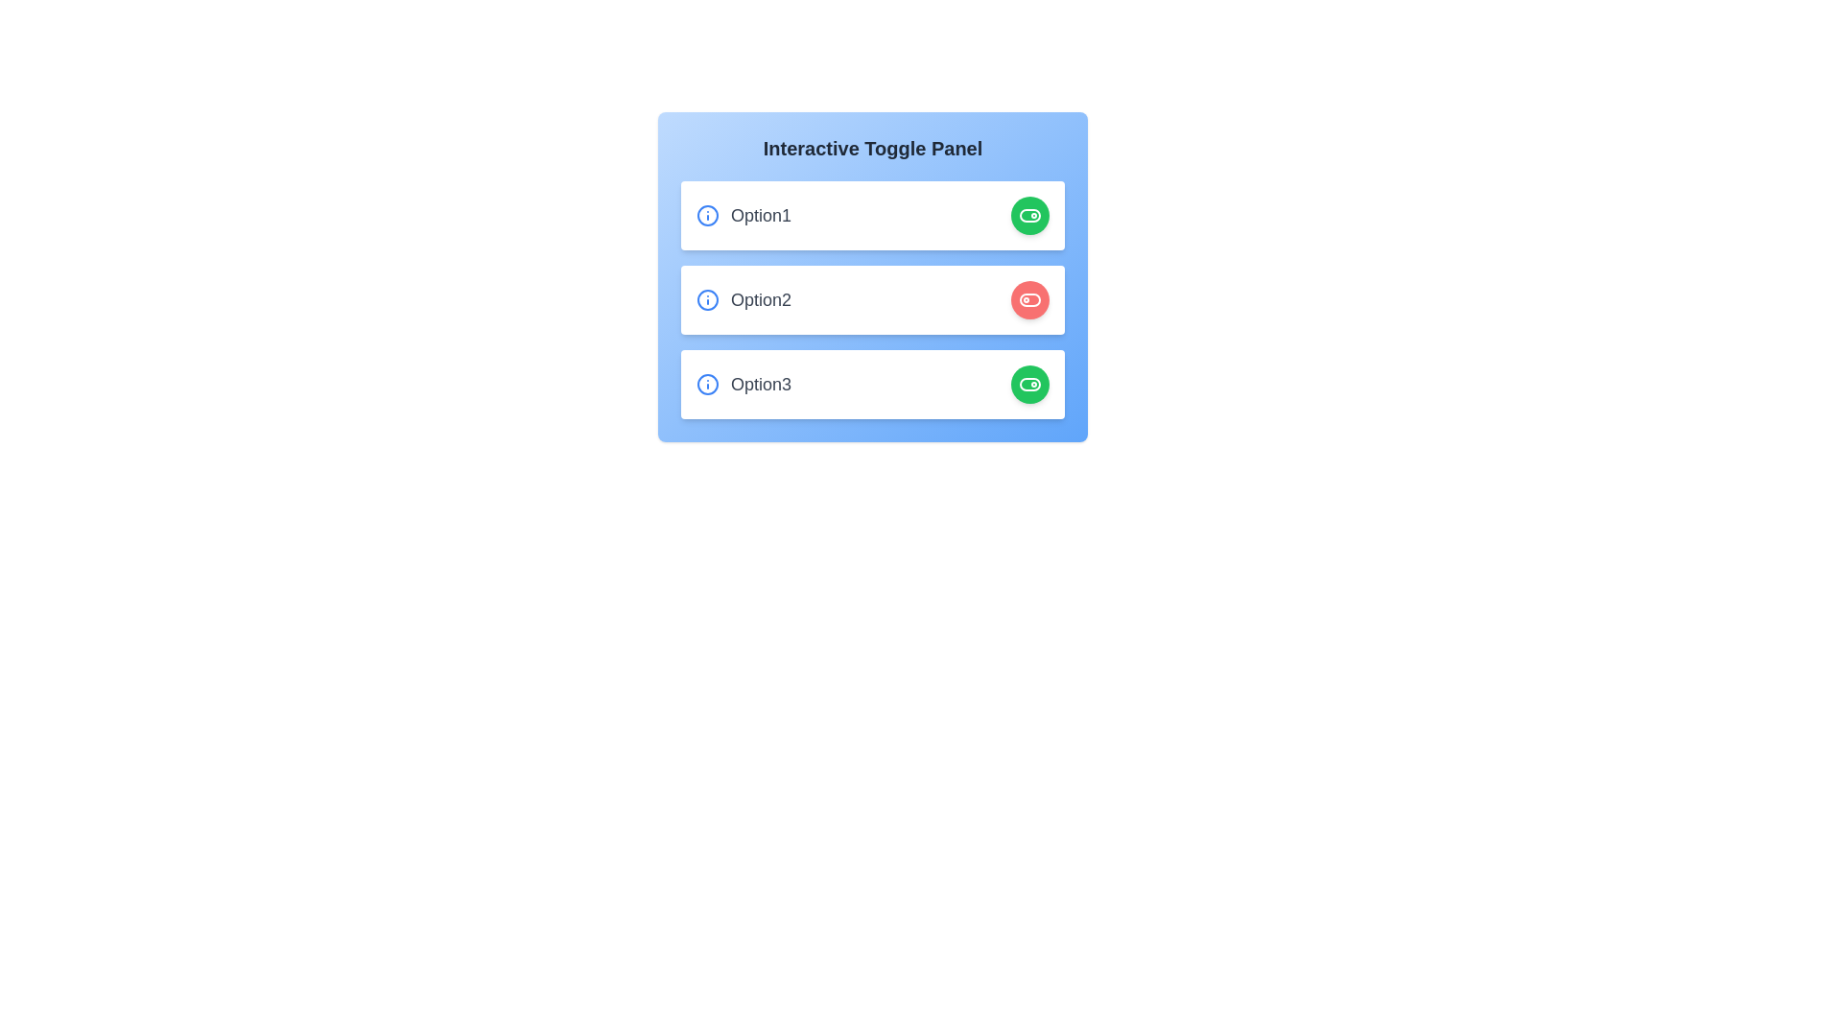 This screenshot has width=1842, height=1036. What do you see at coordinates (707, 215) in the screenshot?
I see `the information icon next to option1 to inspect it` at bounding box center [707, 215].